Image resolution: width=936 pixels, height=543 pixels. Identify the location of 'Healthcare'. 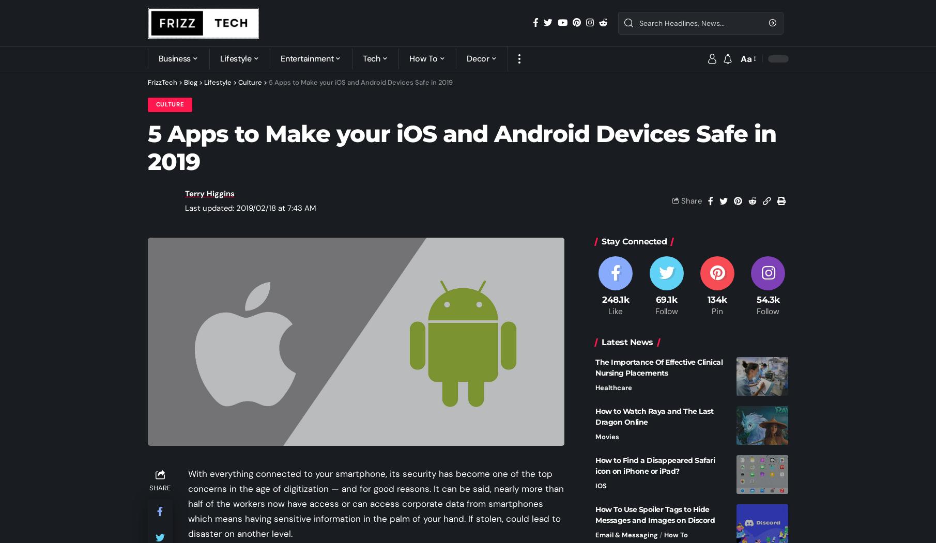
(613, 387).